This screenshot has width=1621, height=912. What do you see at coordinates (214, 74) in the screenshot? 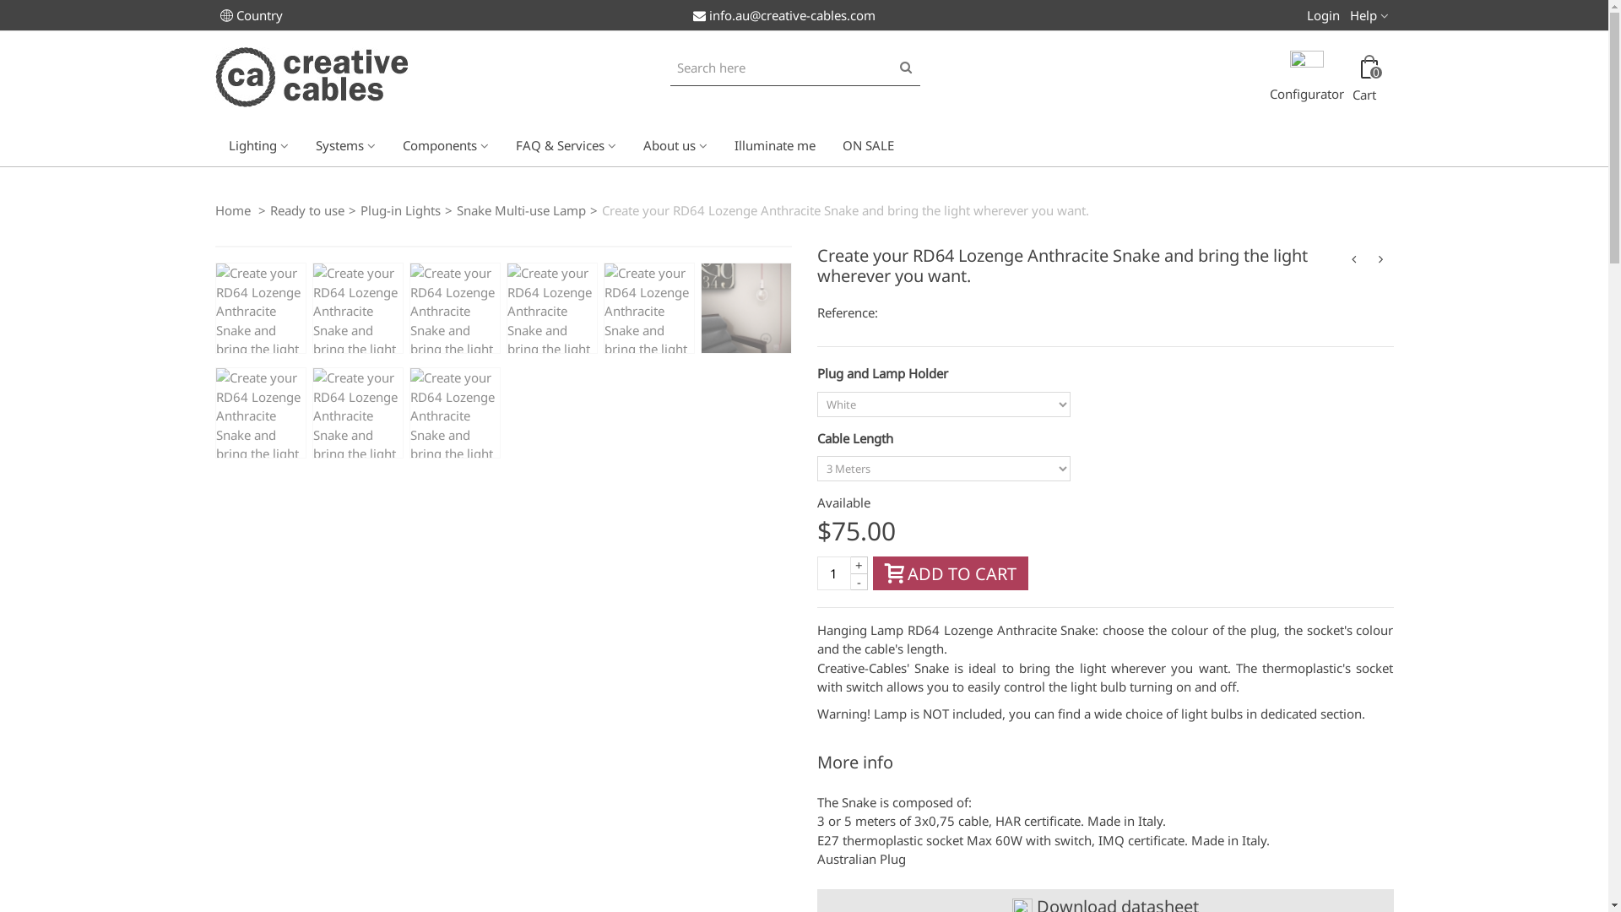
I see `'Creative-Cables AU'` at bounding box center [214, 74].